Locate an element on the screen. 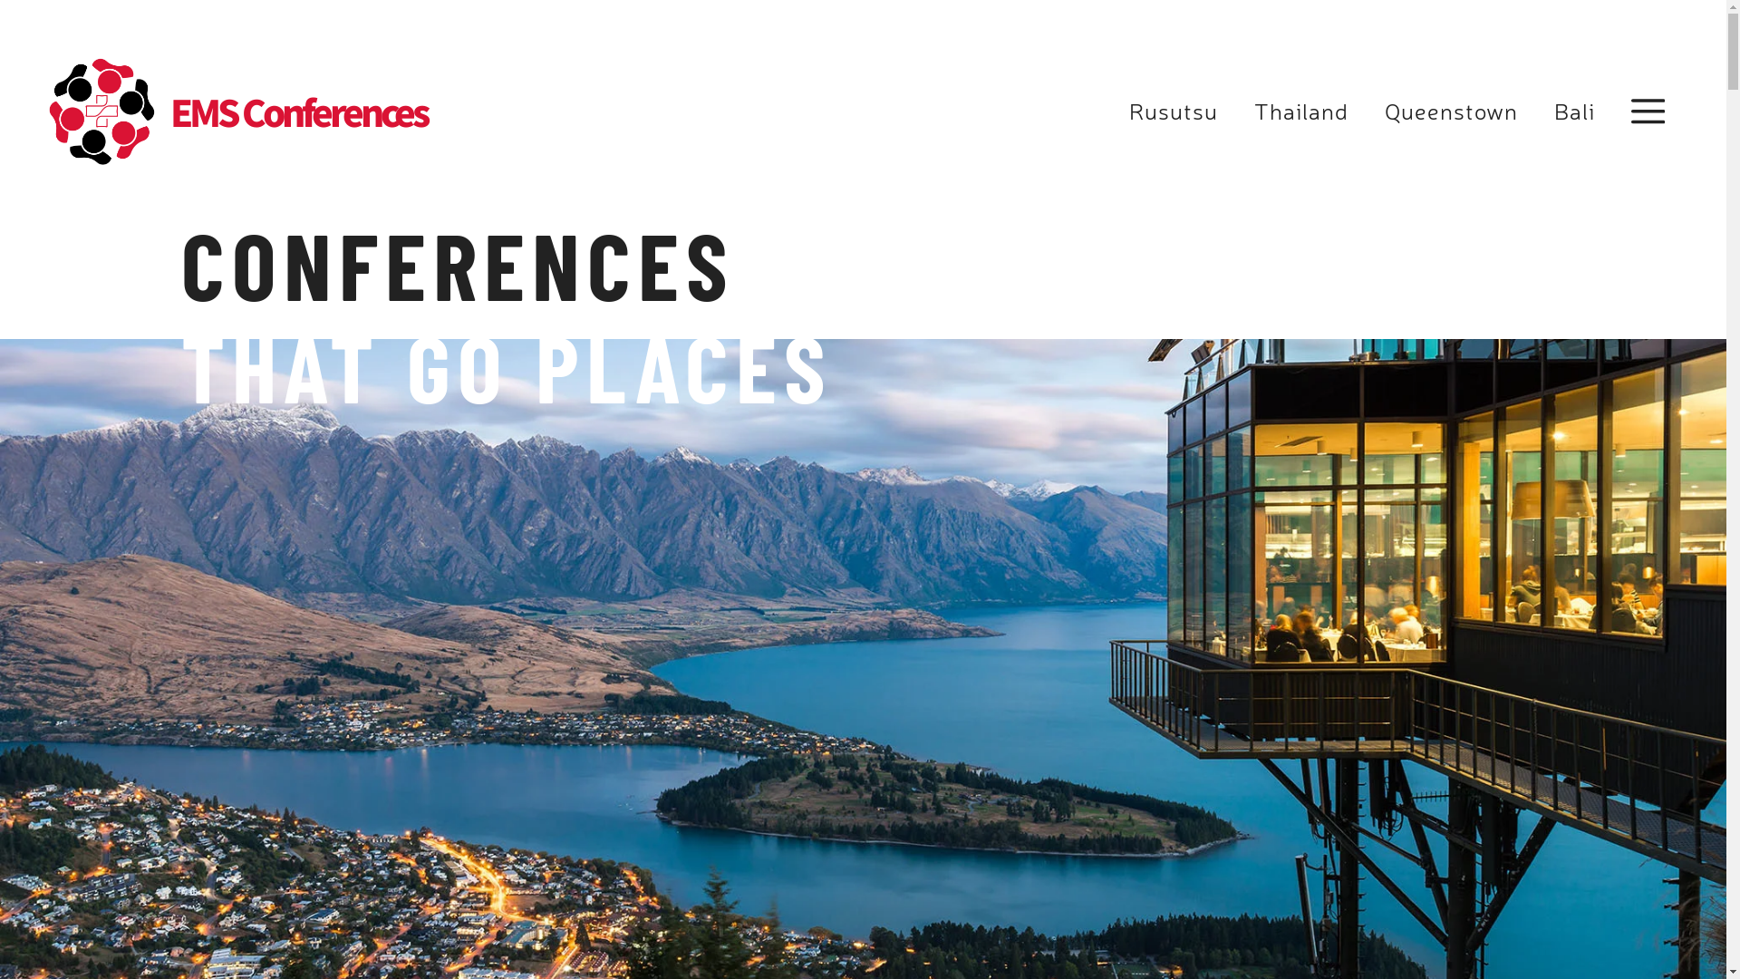 The height and width of the screenshot is (979, 1740). 'Bali' is located at coordinates (1572, 111).